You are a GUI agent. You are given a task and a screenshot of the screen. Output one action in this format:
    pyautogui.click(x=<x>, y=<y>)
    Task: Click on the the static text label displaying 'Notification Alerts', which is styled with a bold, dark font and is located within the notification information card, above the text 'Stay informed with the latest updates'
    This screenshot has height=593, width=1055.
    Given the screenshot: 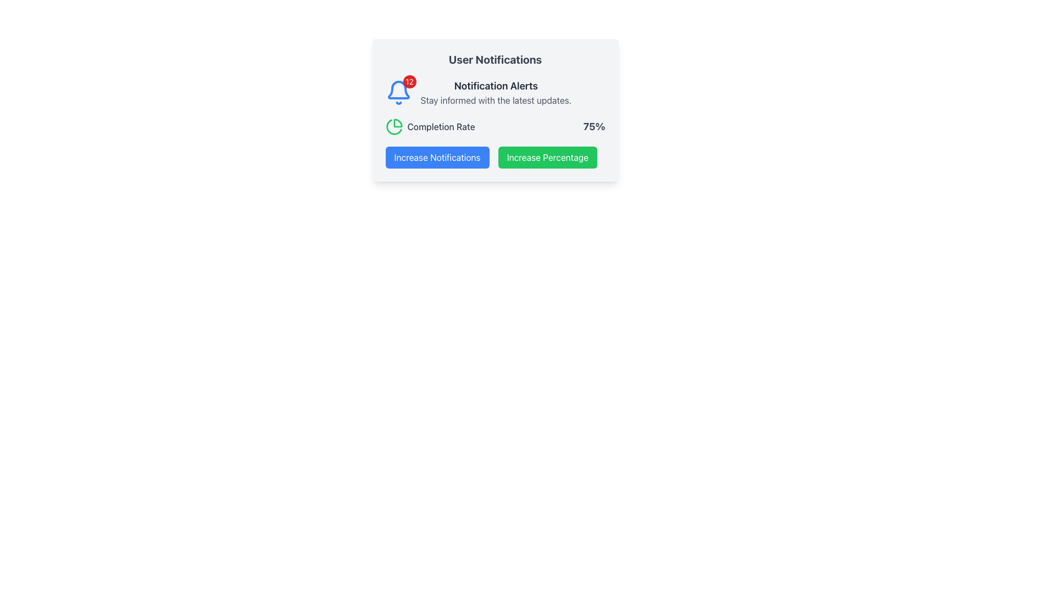 What is the action you would take?
    pyautogui.click(x=495, y=86)
    